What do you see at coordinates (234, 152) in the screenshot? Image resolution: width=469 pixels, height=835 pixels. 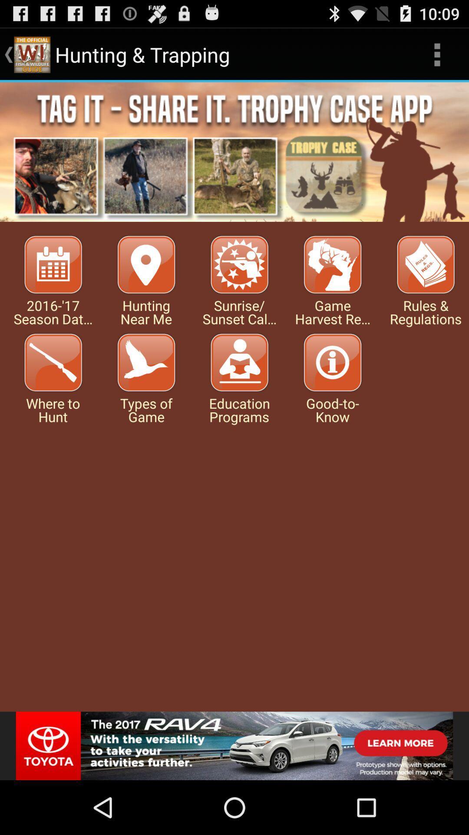 I see `click on advertisements` at bounding box center [234, 152].